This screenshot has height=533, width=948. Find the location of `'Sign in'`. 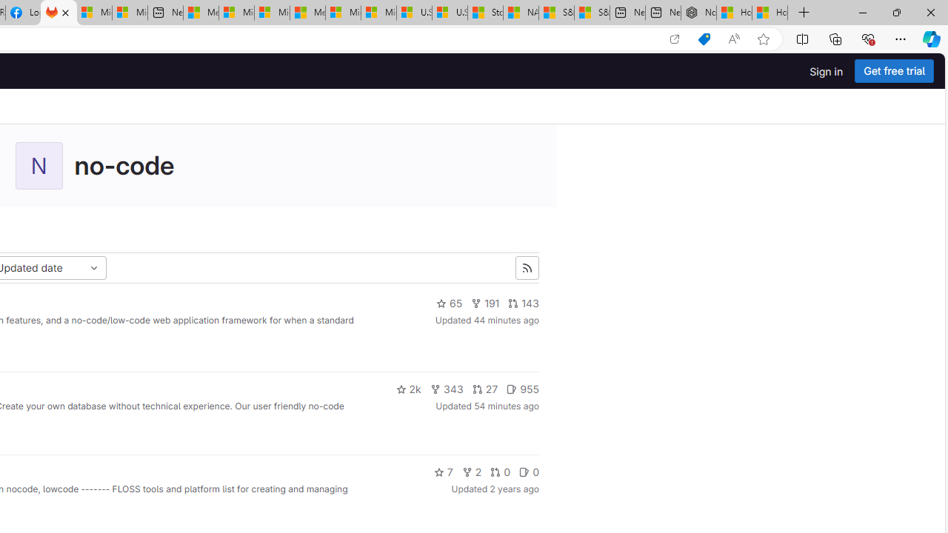

'Sign in' is located at coordinates (826, 71).